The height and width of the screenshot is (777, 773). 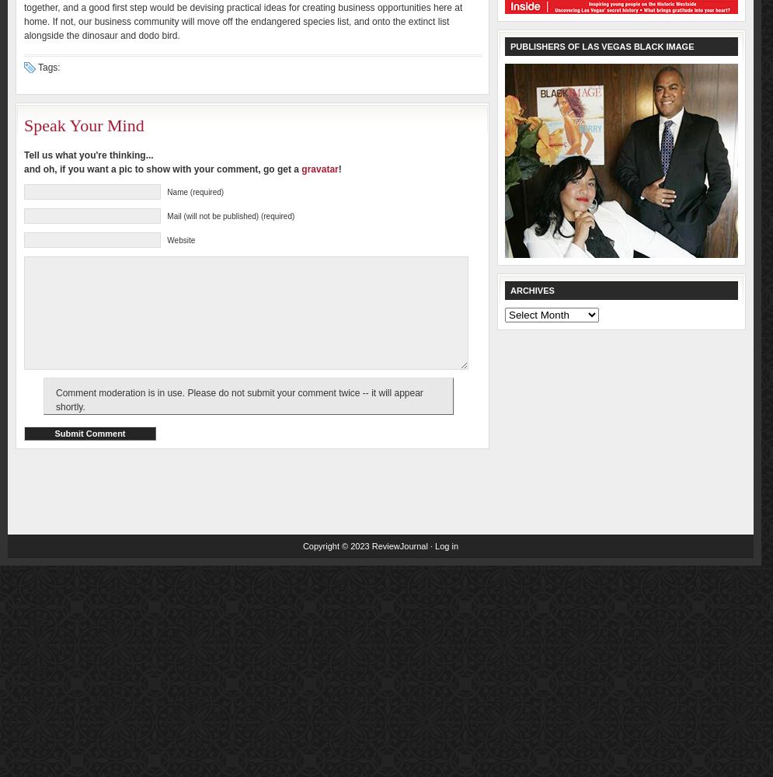 I want to click on '!', so click(x=339, y=169).